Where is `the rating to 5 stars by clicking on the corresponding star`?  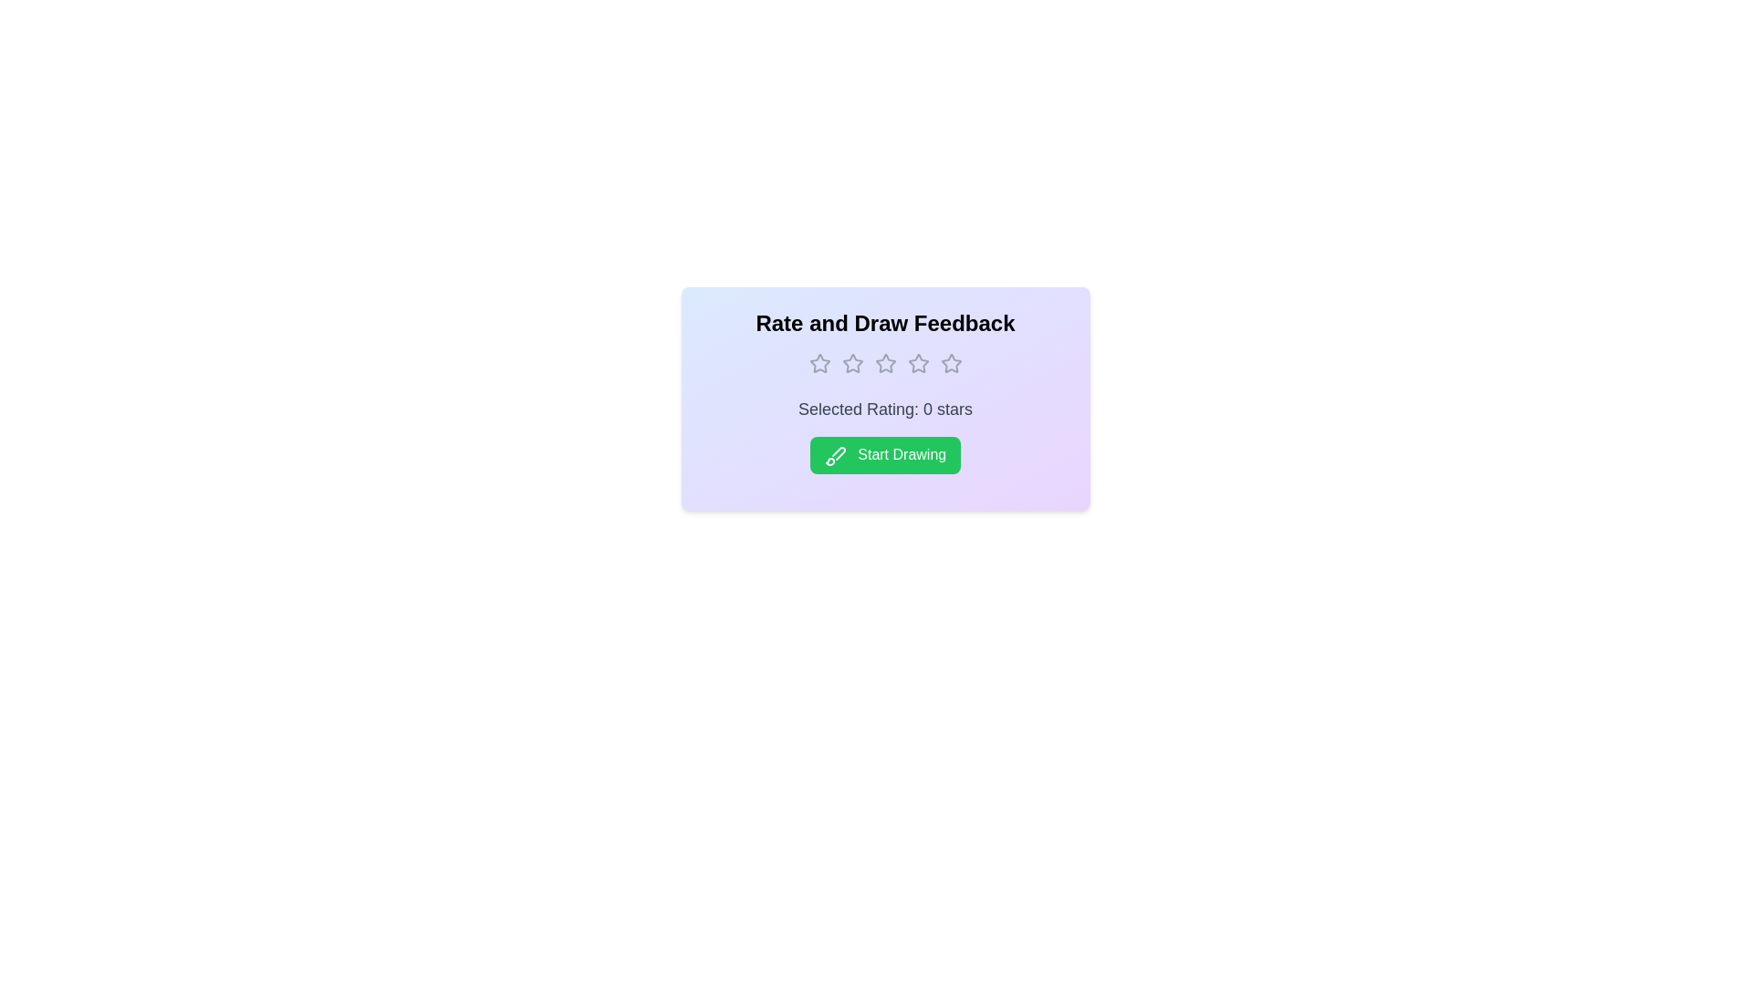
the rating to 5 stars by clicking on the corresponding star is located at coordinates (950, 363).